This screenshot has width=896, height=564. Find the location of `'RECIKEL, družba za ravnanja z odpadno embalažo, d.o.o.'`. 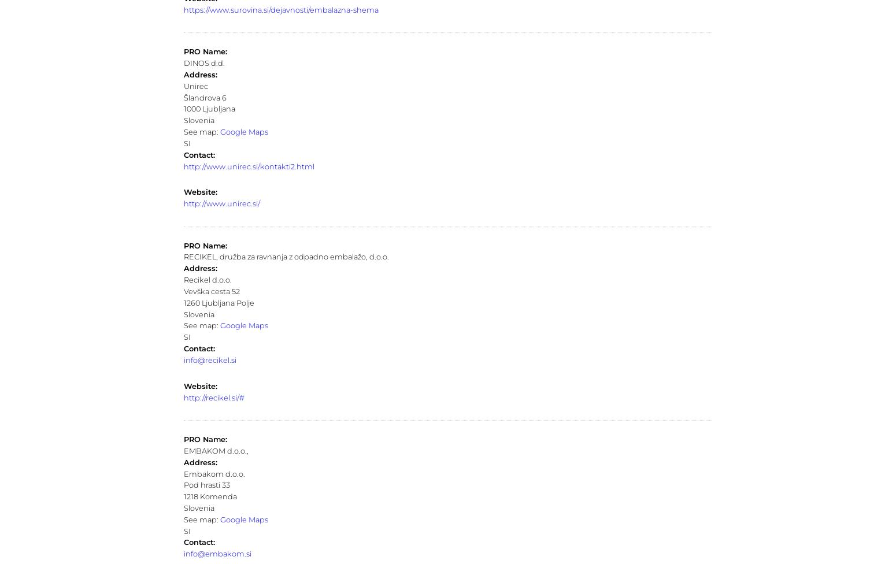

'RECIKEL, družba za ravnanja z odpadno embalažo, d.o.o.' is located at coordinates (182, 256).